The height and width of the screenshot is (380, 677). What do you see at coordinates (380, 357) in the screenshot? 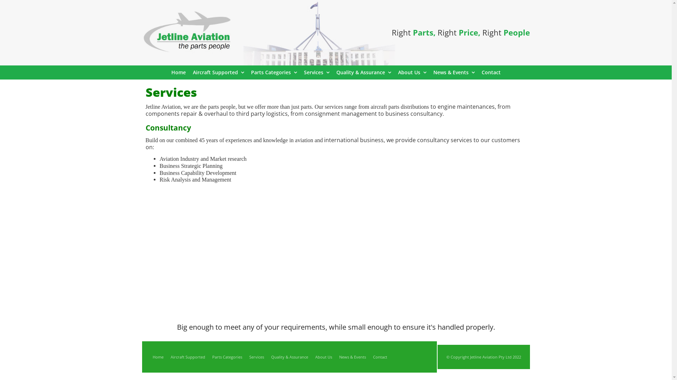
I see `'Contact'` at bounding box center [380, 357].